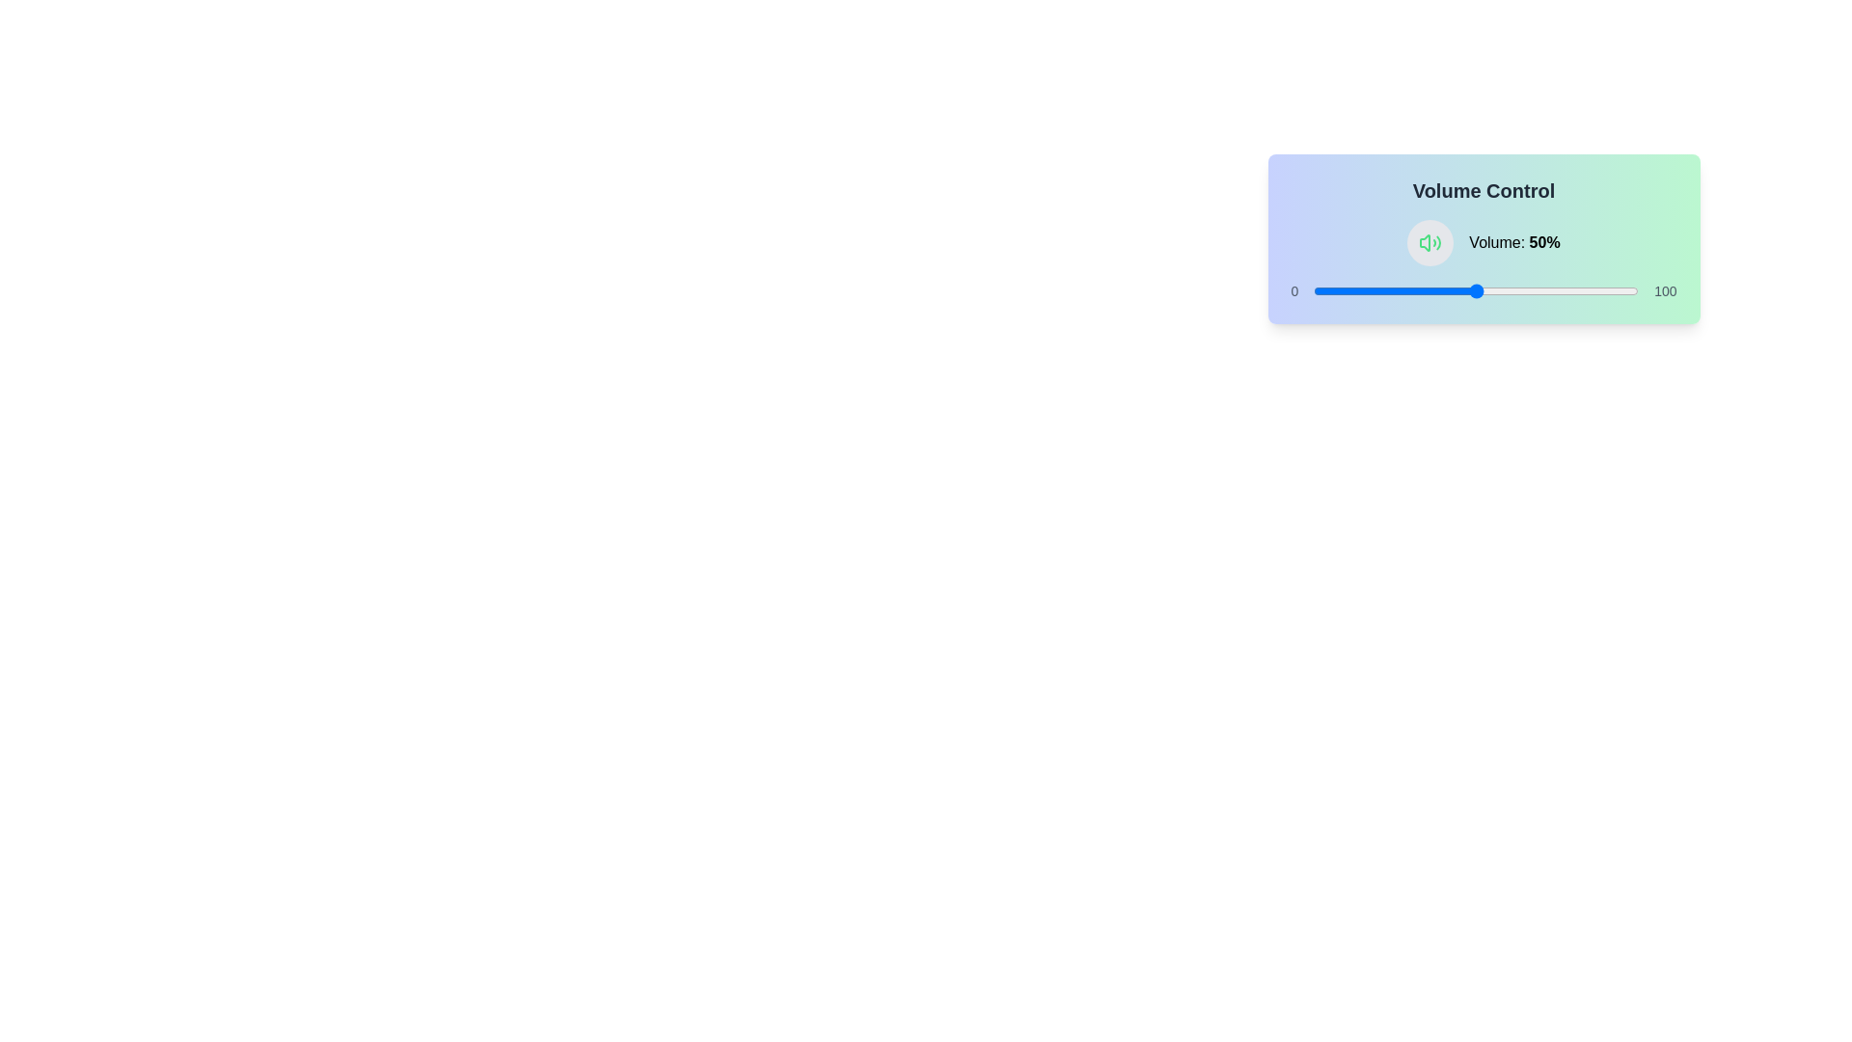 The image size is (1852, 1042). I want to click on the volume slider to set the volume to 93%, so click(1616, 290).